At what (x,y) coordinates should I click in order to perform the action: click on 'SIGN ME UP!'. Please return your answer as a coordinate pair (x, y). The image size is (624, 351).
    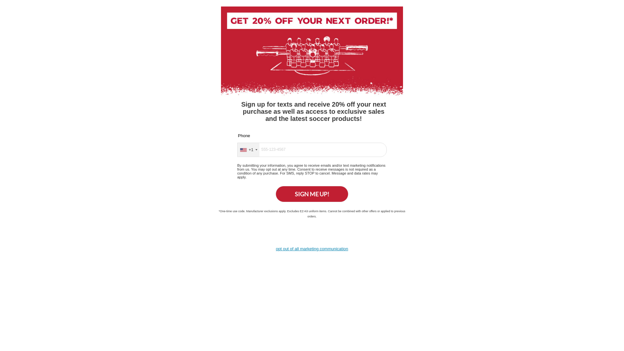
    Looking at the image, I should click on (276, 194).